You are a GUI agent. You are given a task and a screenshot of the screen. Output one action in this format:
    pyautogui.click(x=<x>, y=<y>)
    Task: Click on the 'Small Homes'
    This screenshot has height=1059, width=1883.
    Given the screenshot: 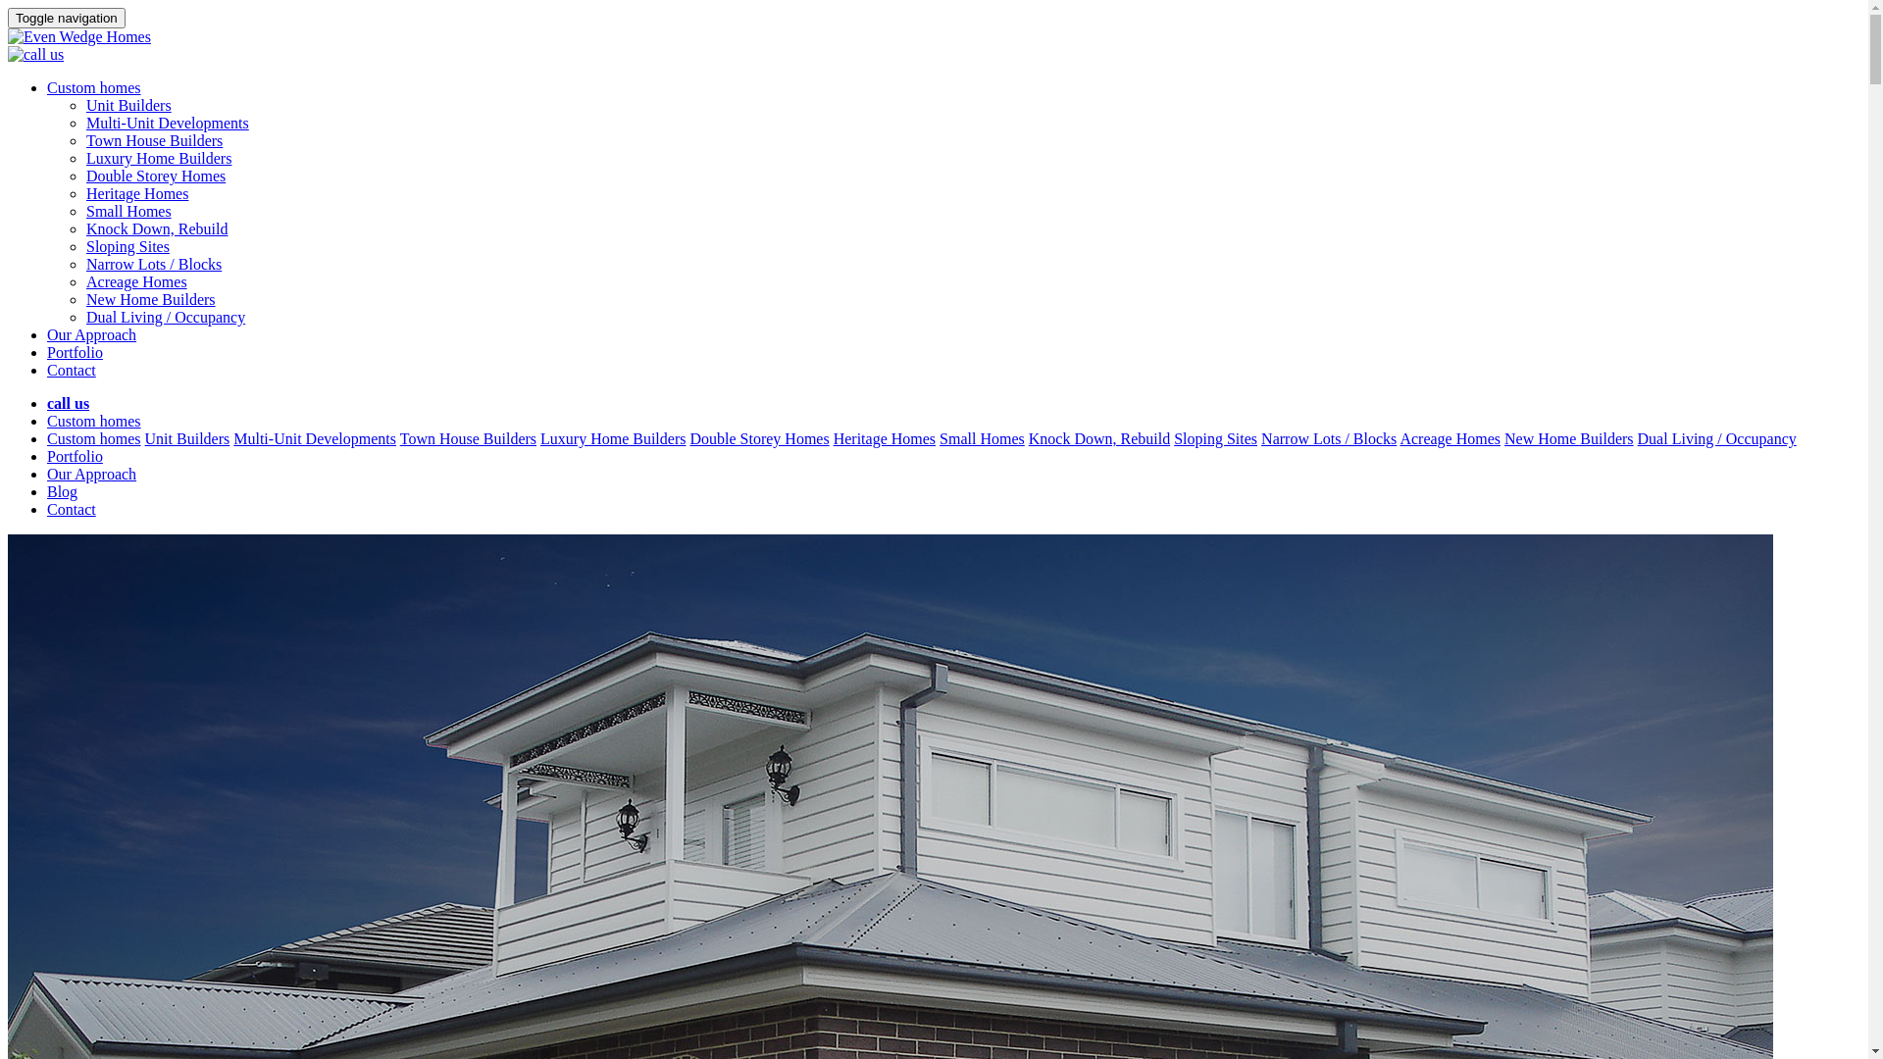 What is the action you would take?
    pyautogui.click(x=127, y=211)
    